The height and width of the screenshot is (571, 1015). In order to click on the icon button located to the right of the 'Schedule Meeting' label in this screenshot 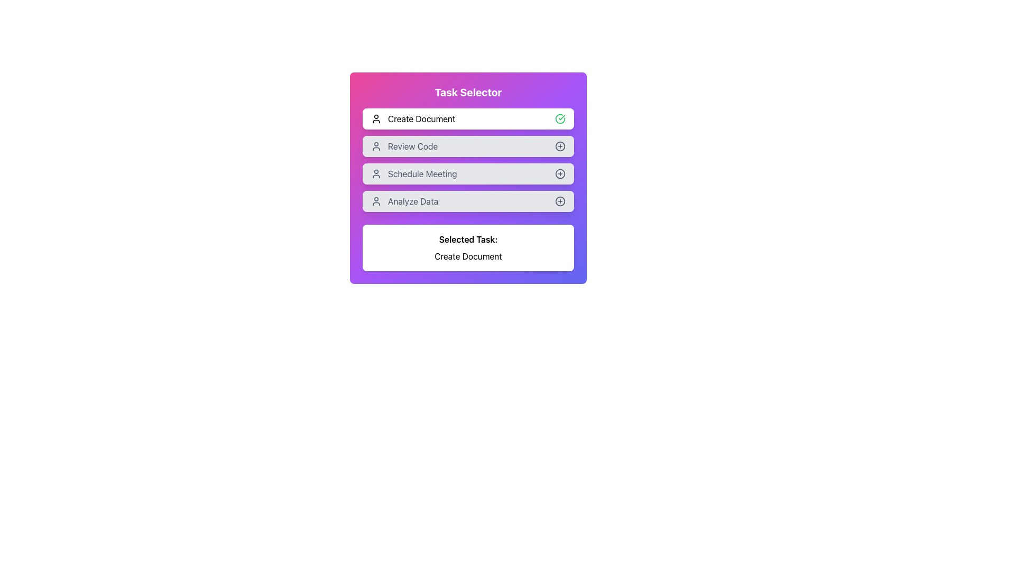, I will do `click(560, 173)`.